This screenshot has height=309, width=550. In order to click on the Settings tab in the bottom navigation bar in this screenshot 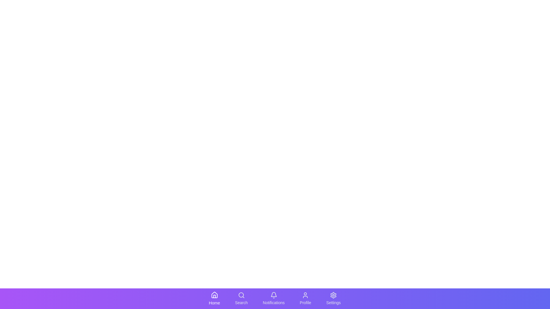, I will do `click(333, 298)`.